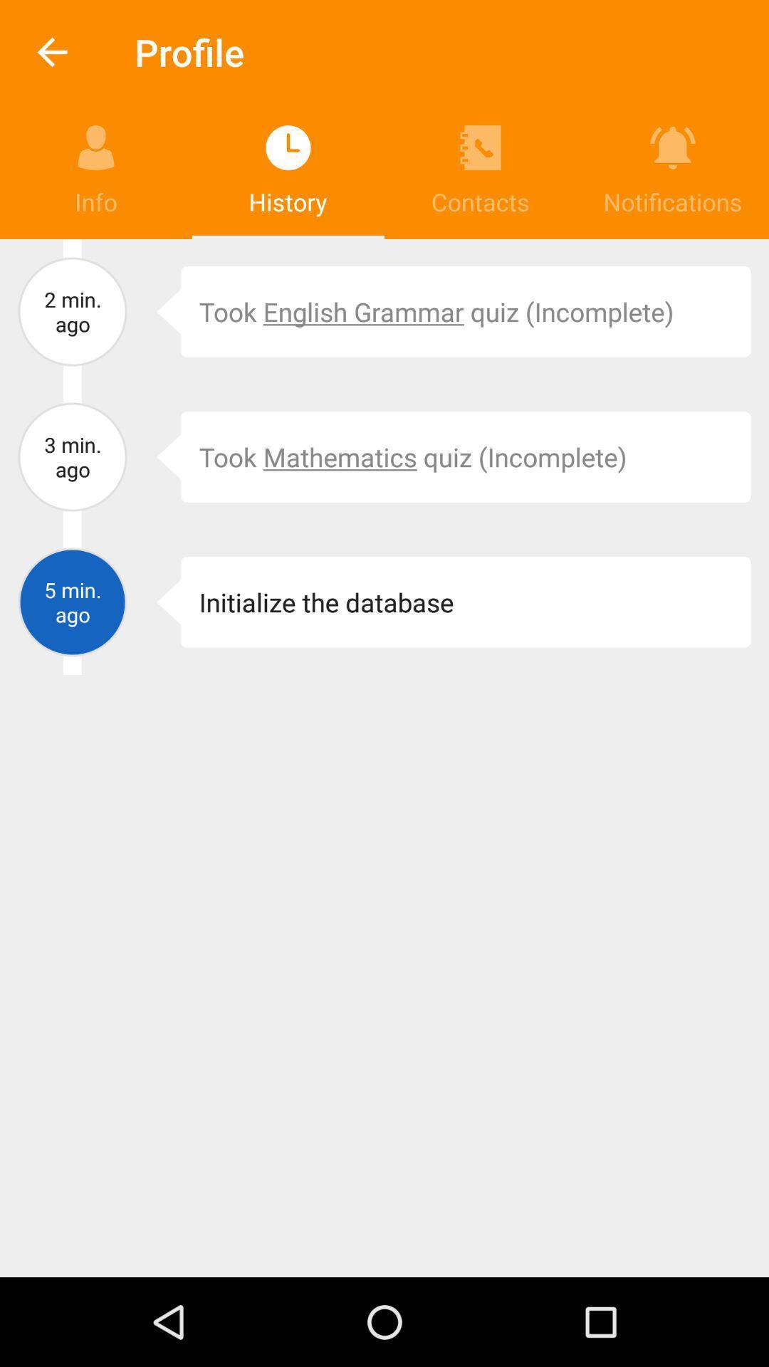 This screenshot has width=769, height=1367. I want to click on item below info item, so click(72, 310).